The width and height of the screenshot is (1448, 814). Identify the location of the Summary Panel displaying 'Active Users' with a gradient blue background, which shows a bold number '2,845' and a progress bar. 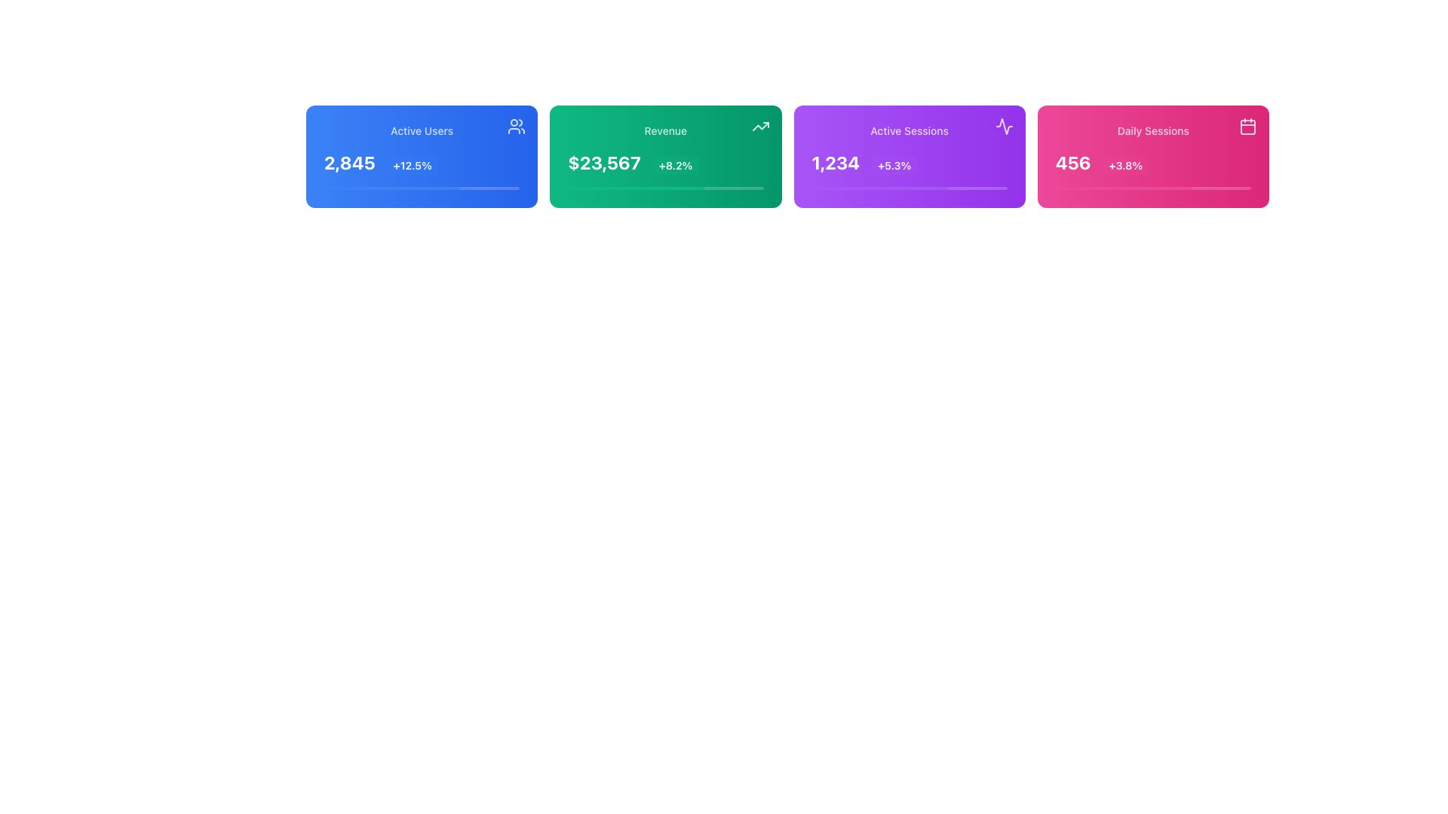
(422, 157).